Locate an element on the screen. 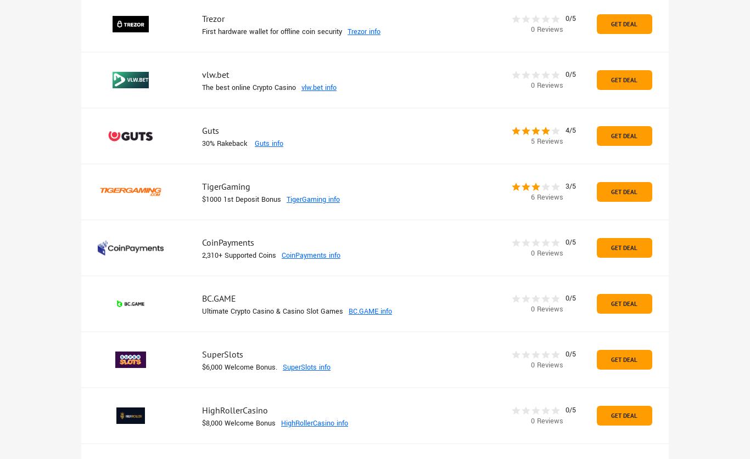  '3/5' is located at coordinates (569, 186).